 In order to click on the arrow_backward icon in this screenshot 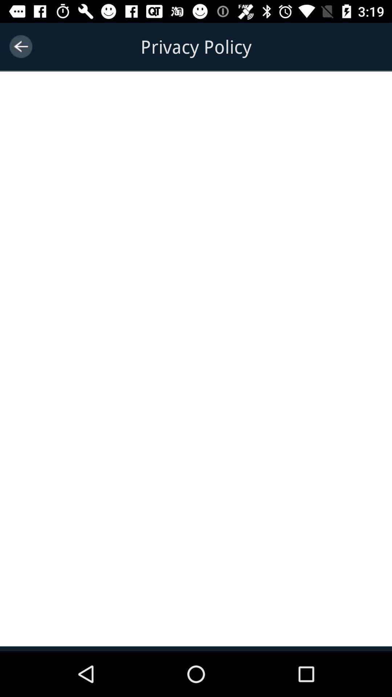, I will do `click(20, 46)`.